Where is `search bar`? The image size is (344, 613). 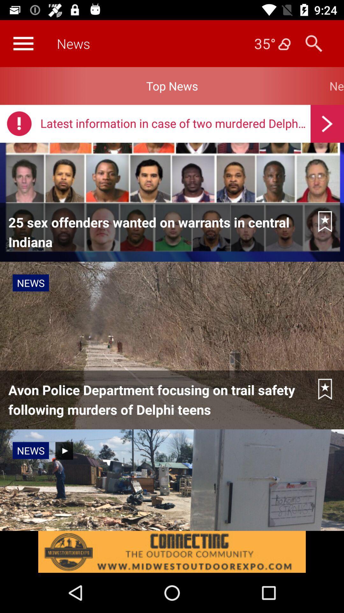 search bar is located at coordinates (313, 43).